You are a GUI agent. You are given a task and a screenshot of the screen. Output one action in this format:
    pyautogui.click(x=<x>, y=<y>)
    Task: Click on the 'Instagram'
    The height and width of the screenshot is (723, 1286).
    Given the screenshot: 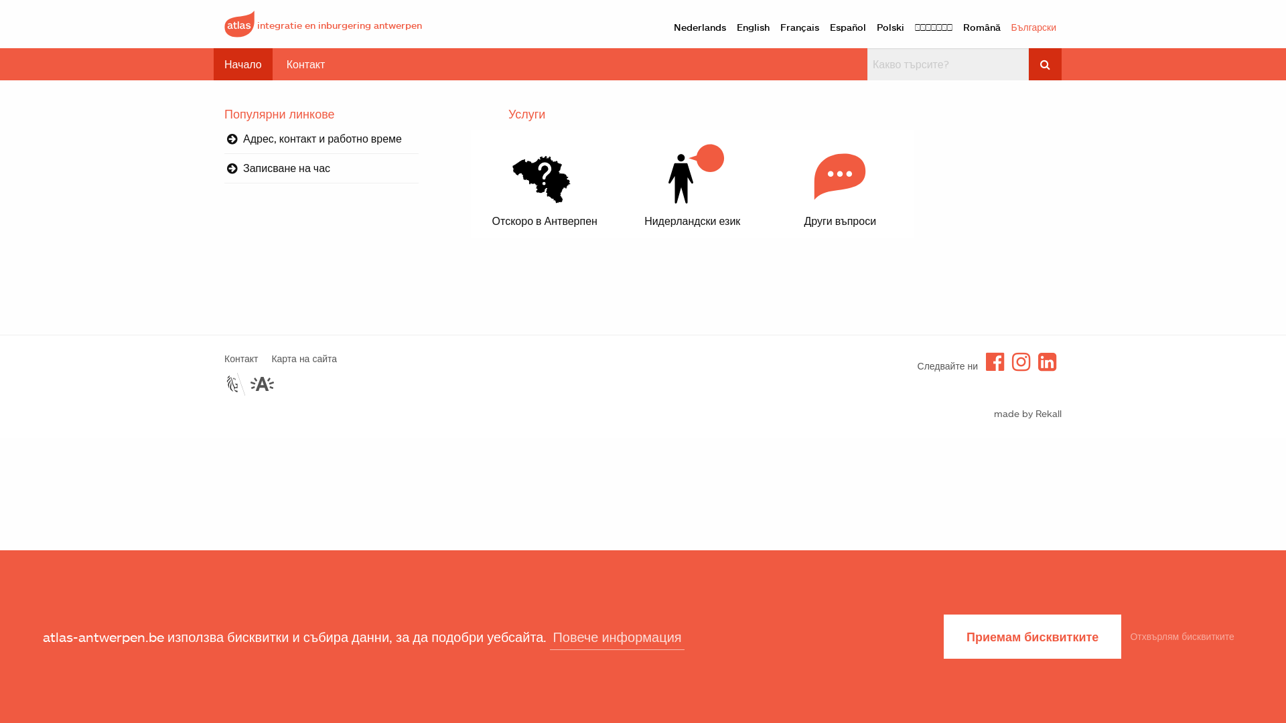 What is the action you would take?
    pyautogui.click(x=1020, y=361)
    